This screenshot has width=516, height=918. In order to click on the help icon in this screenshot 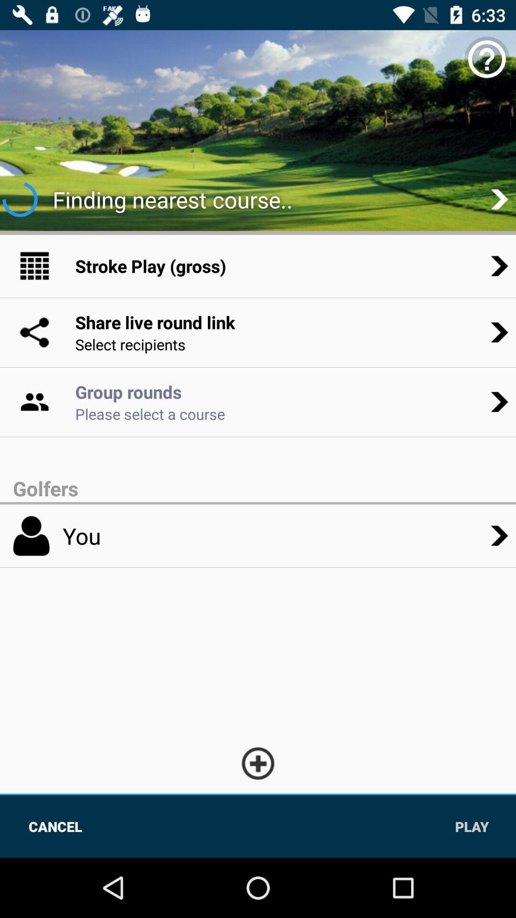, I will do `click(487, 58)`.